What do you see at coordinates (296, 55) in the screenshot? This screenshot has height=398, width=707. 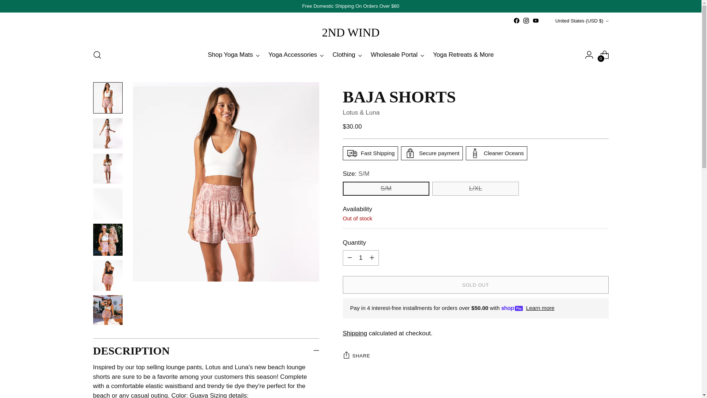 I see `'Yoga Accessories'` at bounding box center [296, 55].